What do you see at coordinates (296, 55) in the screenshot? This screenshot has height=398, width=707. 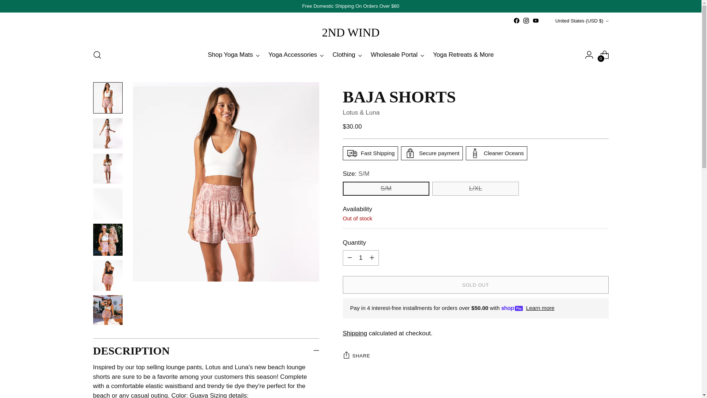 I see `'Yoga Accessories'` at bounding box center [296, 55].